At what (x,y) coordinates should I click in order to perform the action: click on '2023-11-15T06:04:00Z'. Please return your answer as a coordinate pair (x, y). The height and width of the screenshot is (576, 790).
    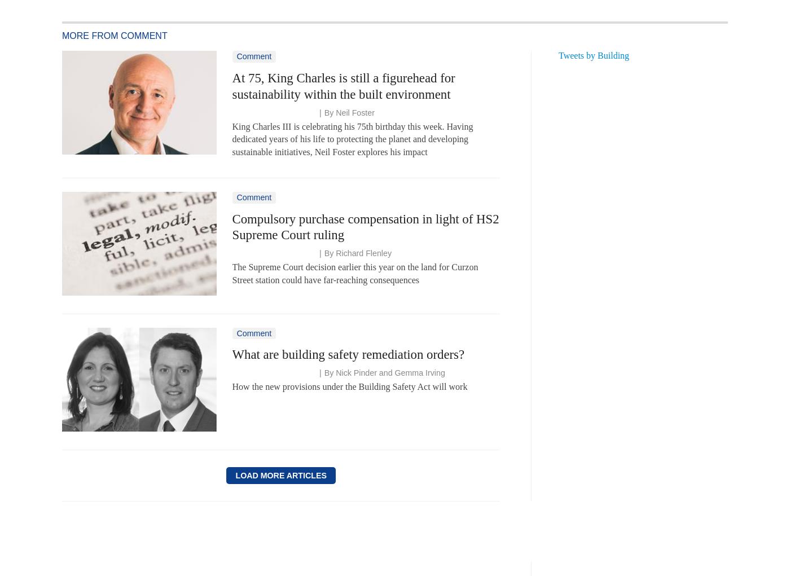
    Looking at the image, I should click on (272, 112).